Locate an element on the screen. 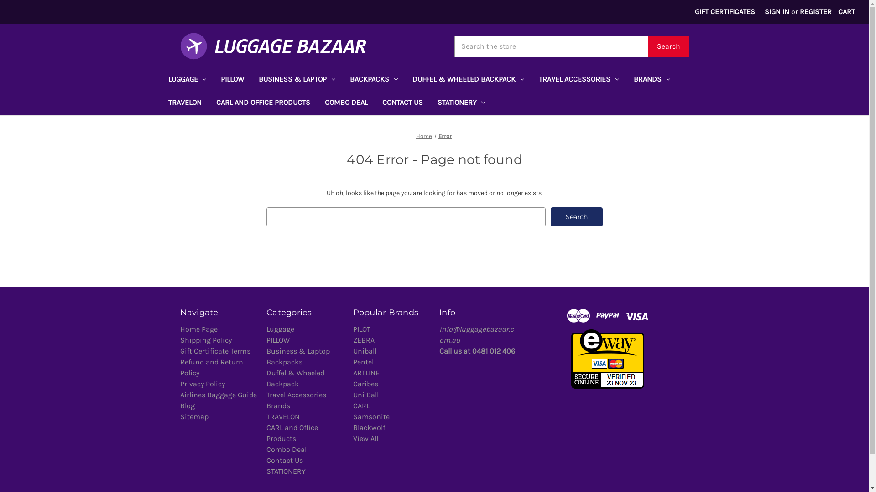  'GIFT CERTIFICATES' is located at coordinates (725, 12).